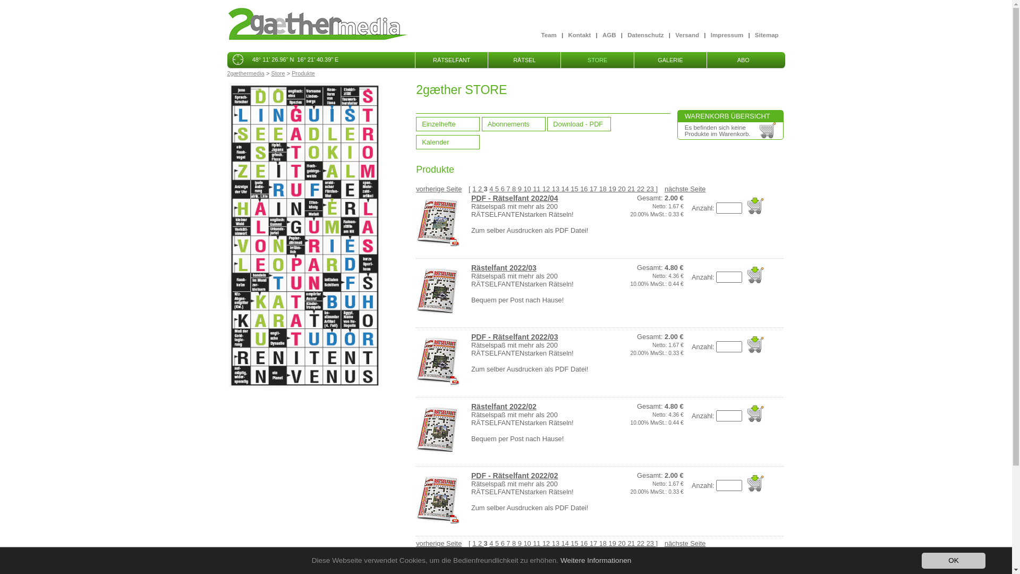  Describe the element at coordinates (584, 188) in the screenshot. I see `'16'` at that location.